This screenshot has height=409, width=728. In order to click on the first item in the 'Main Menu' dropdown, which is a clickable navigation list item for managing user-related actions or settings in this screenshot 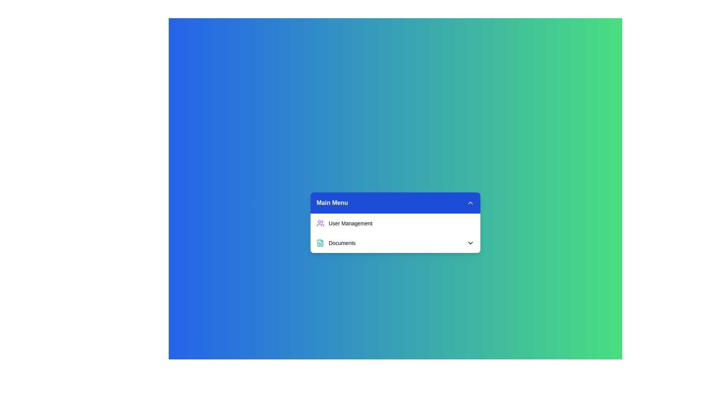, I will do `click(395, 222)`.